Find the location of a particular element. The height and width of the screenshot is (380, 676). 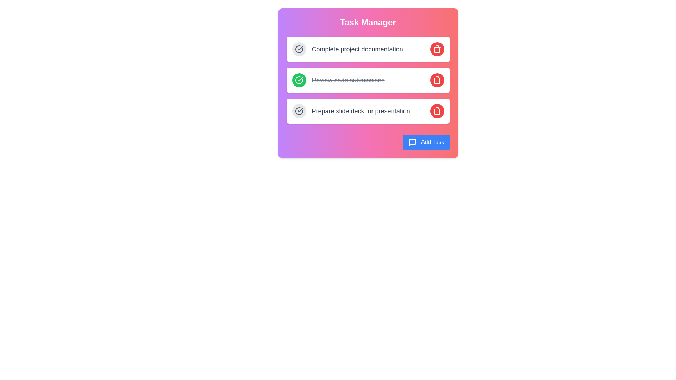

the speech bubble icon located in the lower-right corner of the task manager interface, adjacent is located at coordinates (413, 142).